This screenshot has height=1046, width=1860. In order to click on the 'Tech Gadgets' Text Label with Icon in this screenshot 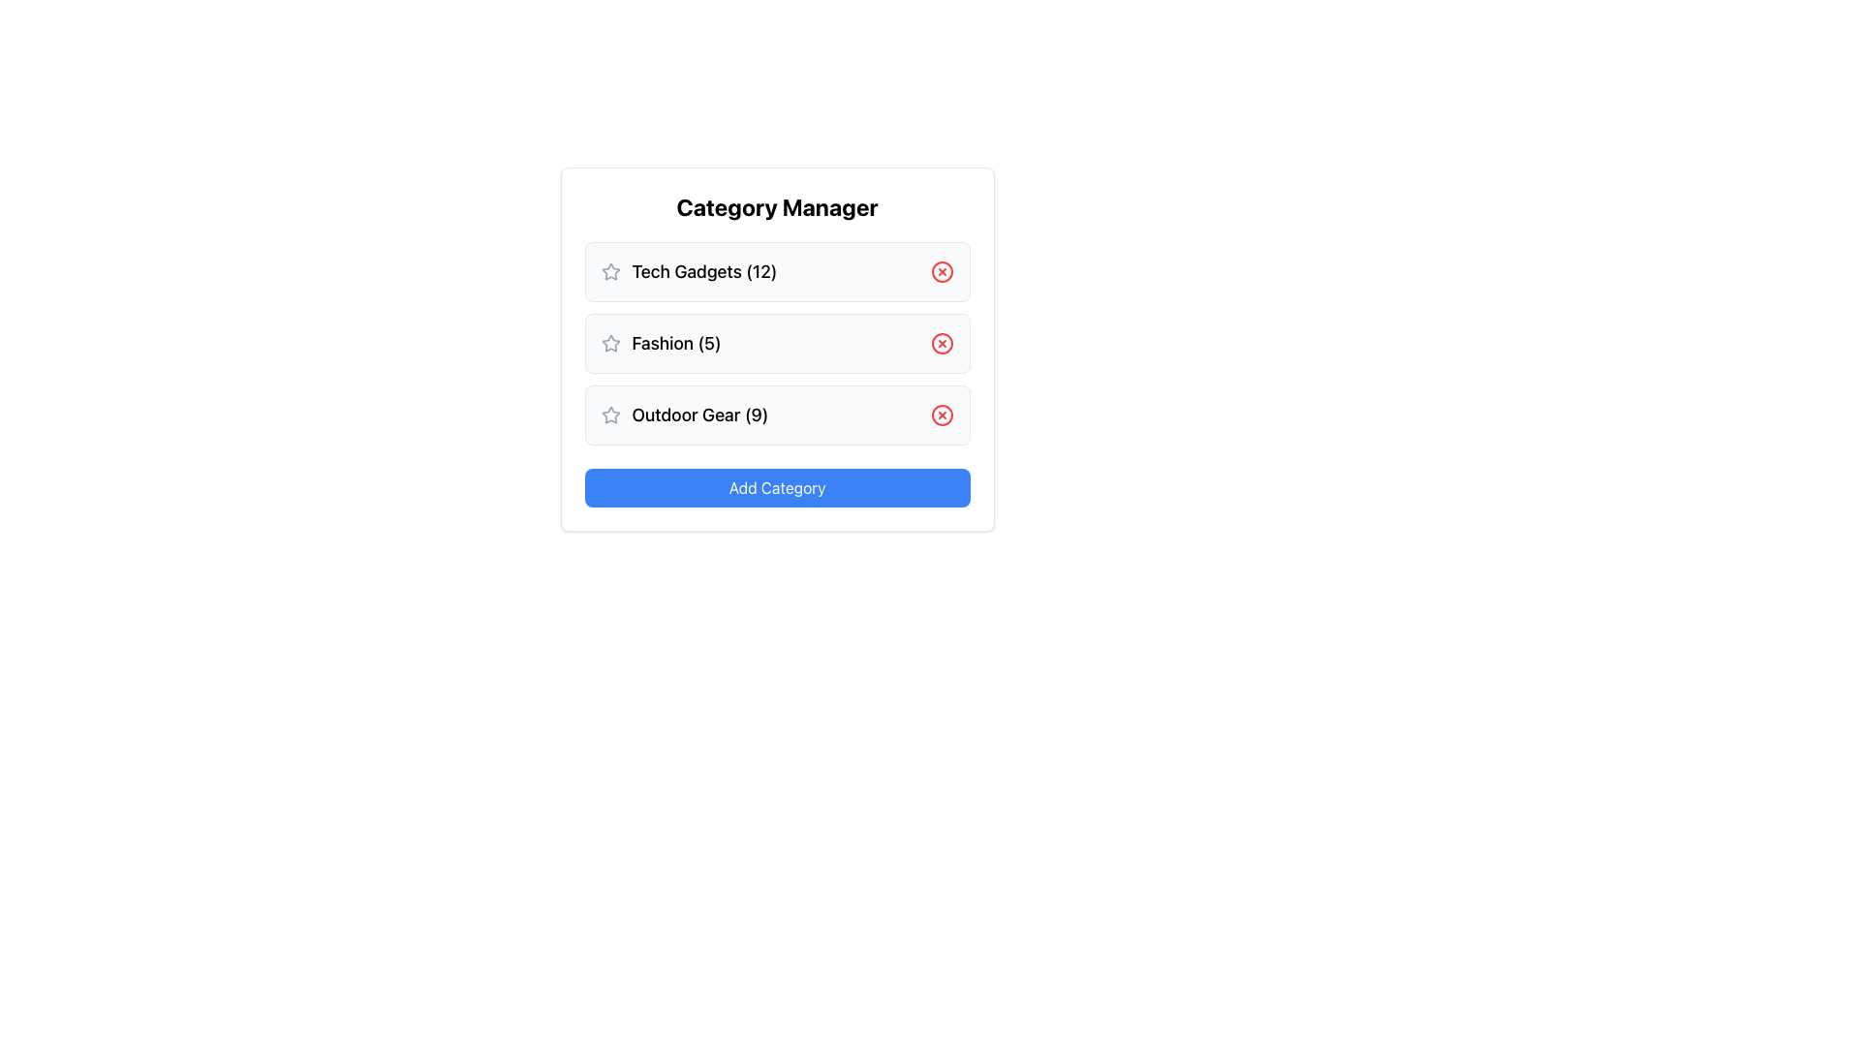, I will do `click(689, 272)`.